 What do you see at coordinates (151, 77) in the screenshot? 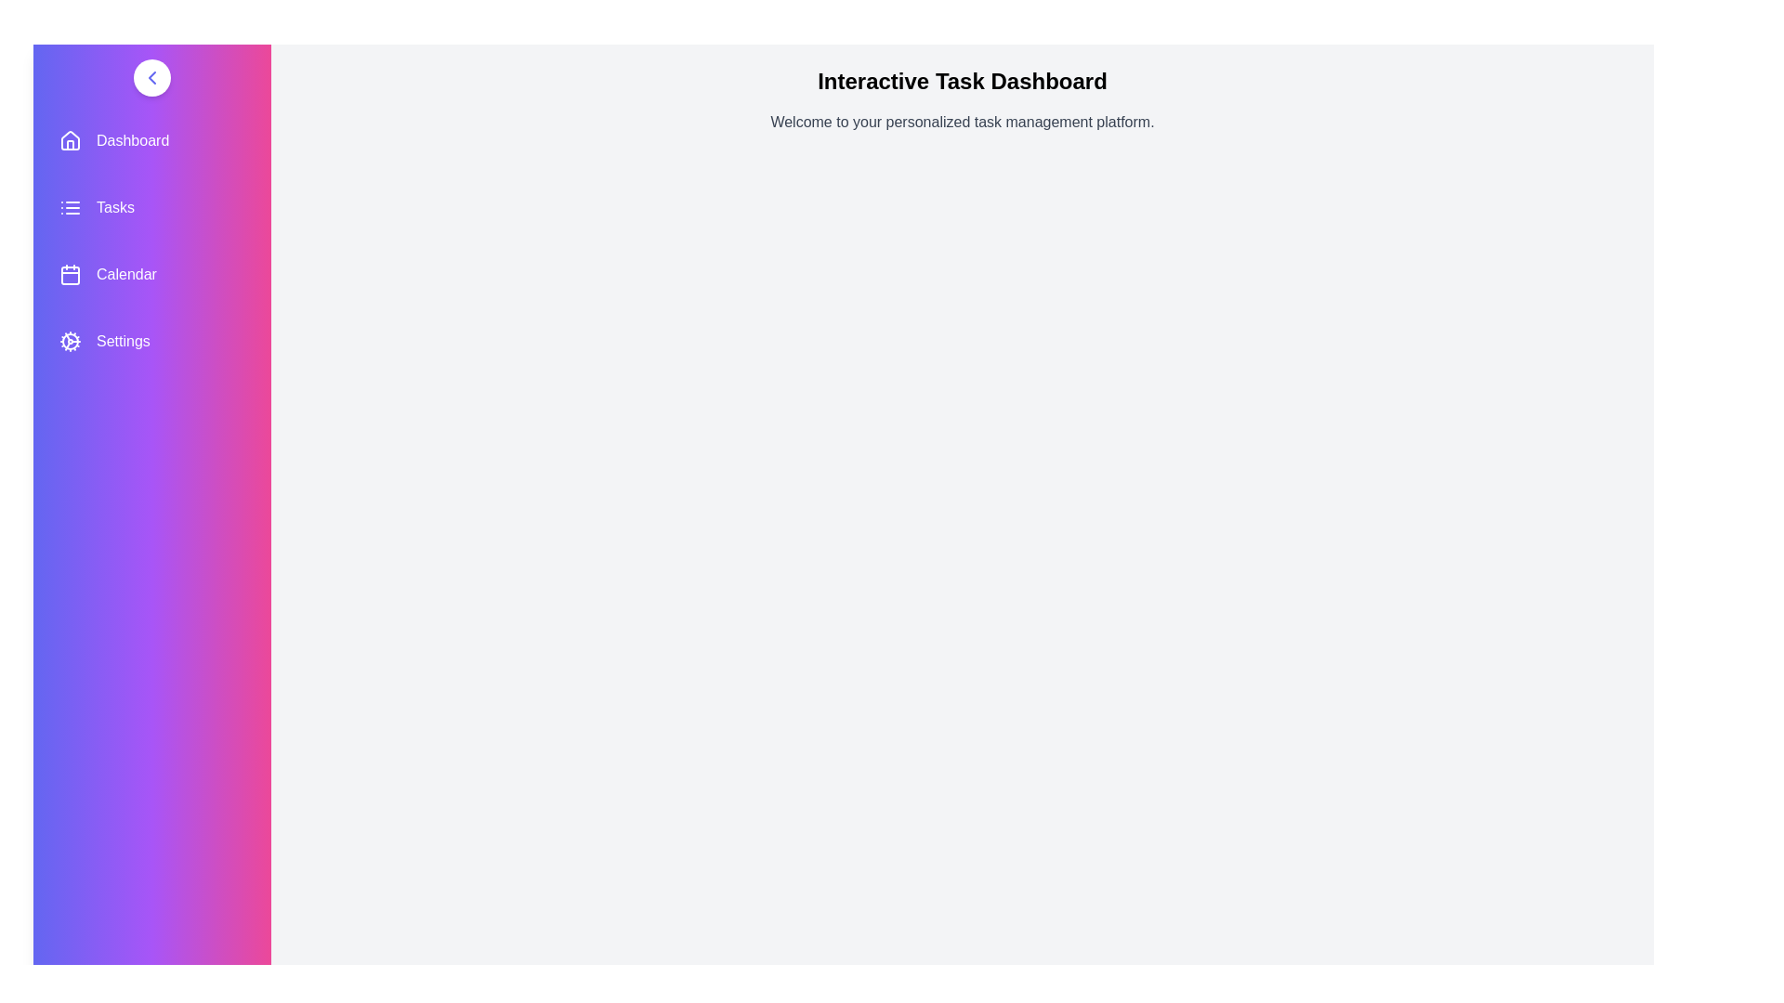
I see `the button with the arrow to toggle the drawer open or closed` at bounding box center [151, 77].